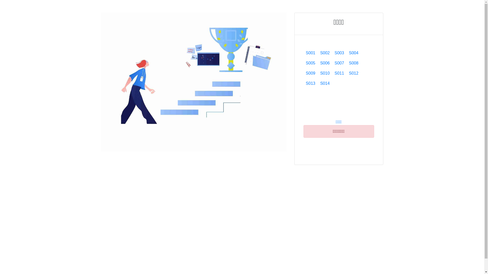 Image resolution: width=488 pixels, height=274 pixels. I want to click on 'S010', so click(325, 73).